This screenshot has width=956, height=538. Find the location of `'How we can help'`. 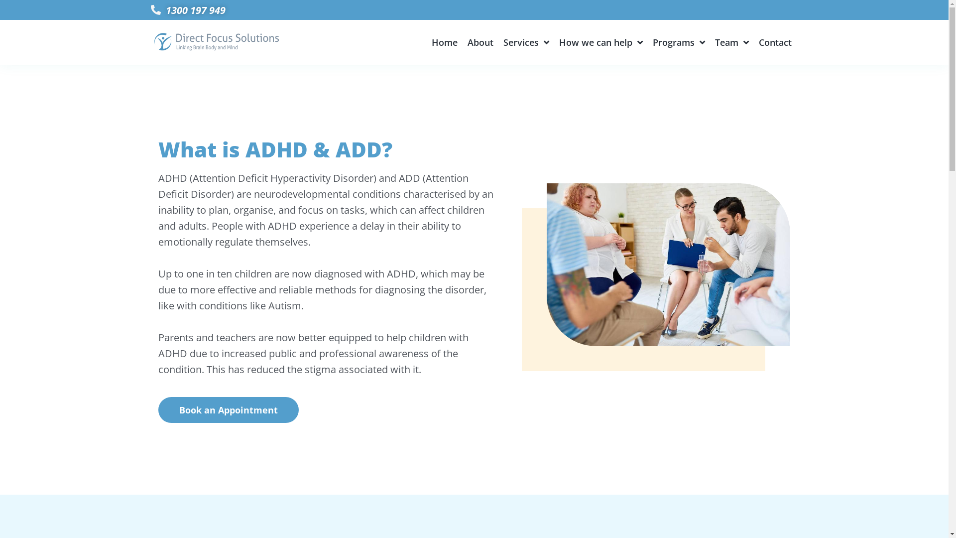

'How we can help' is located at coordinates (559, 41).